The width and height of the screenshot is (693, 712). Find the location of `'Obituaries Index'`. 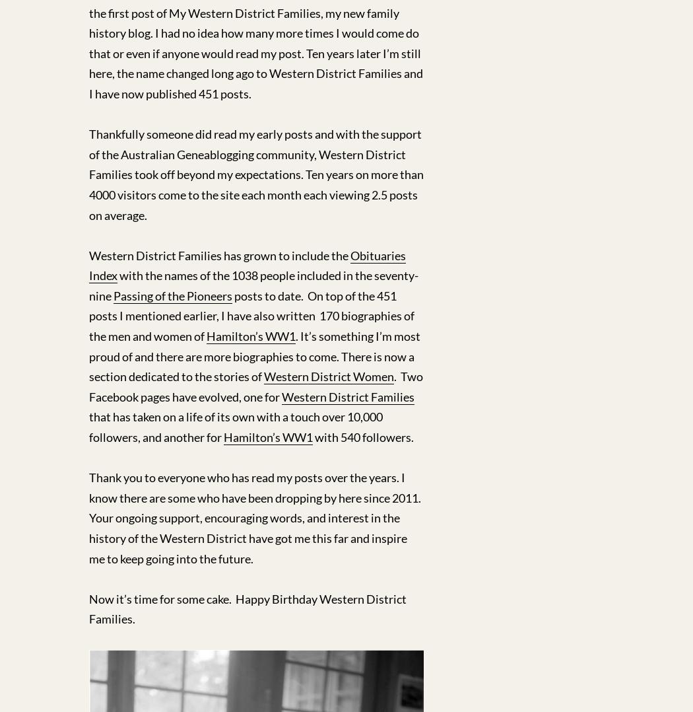

'Obituaries Index' is located at coordinates (246, 264).